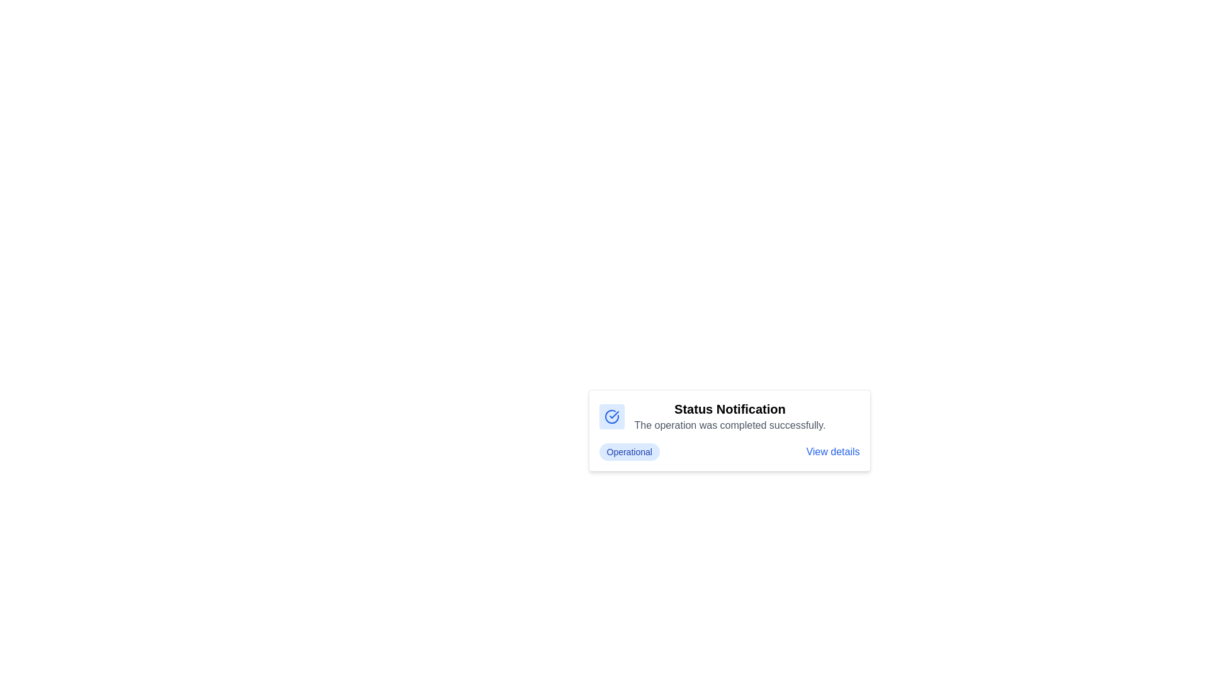  I want to click on the text element displaying 'The operation was completed successfully.' which is located beneath the 'Status Notification' heading, so click(730, 425).